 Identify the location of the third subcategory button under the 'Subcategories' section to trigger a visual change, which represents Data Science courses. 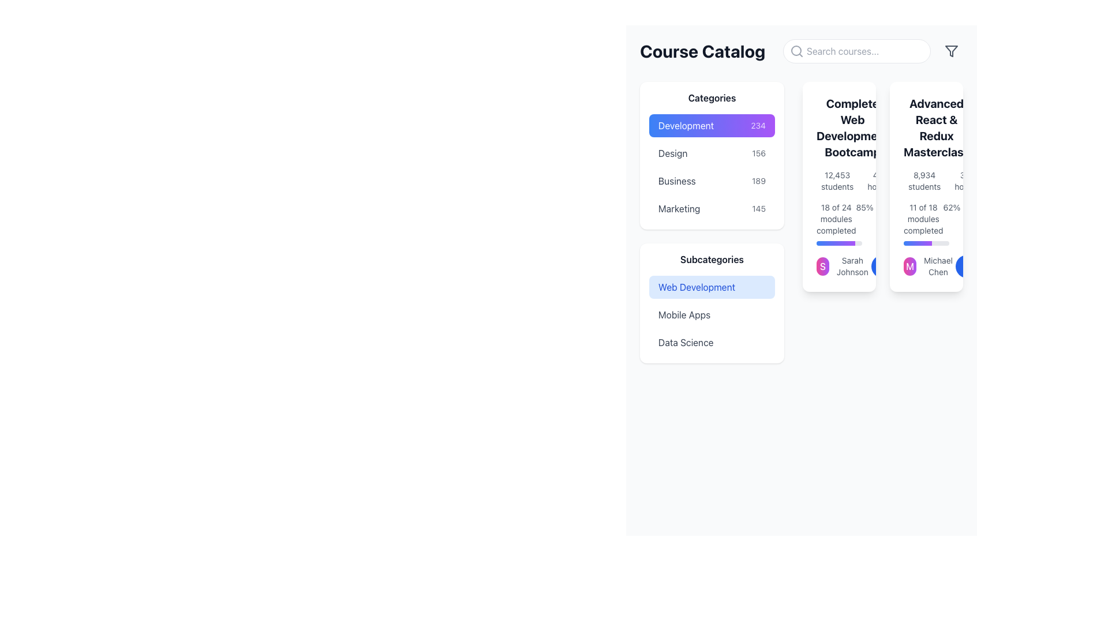
(711, 342).